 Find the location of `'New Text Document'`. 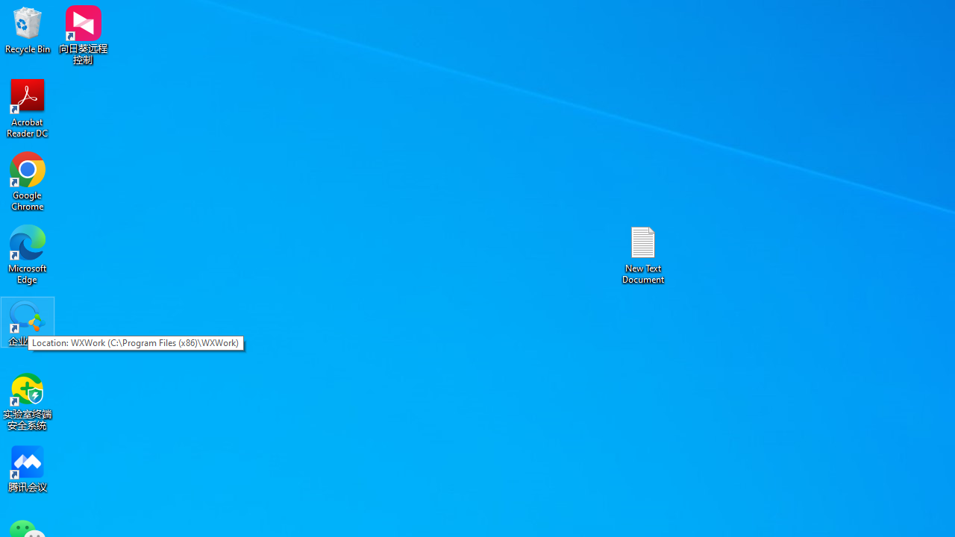

'New Text Document' is located at coordinates (643, 254).